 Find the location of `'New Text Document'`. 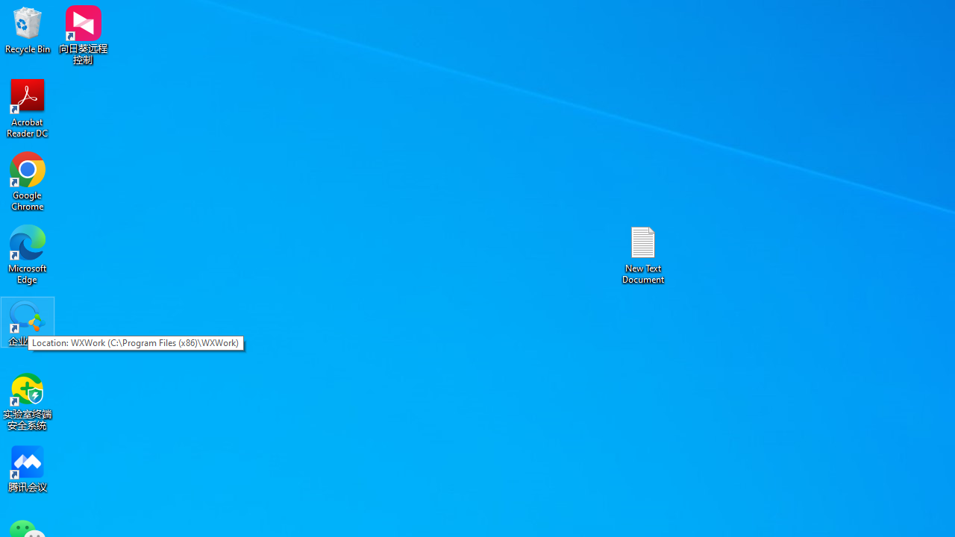

'New Text Document' is located at coordinates (643, 254).